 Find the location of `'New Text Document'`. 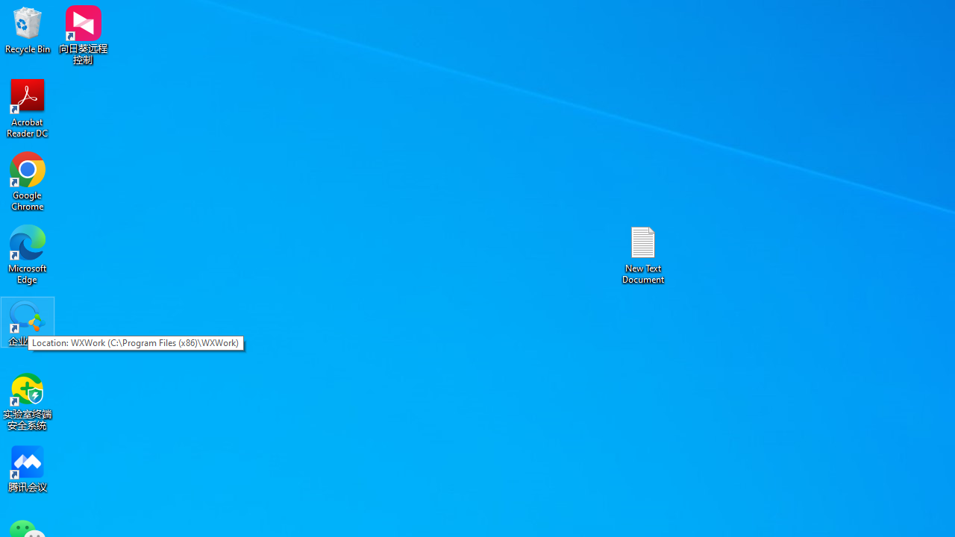

'New Text Document' is located at coordinates (643, 254).